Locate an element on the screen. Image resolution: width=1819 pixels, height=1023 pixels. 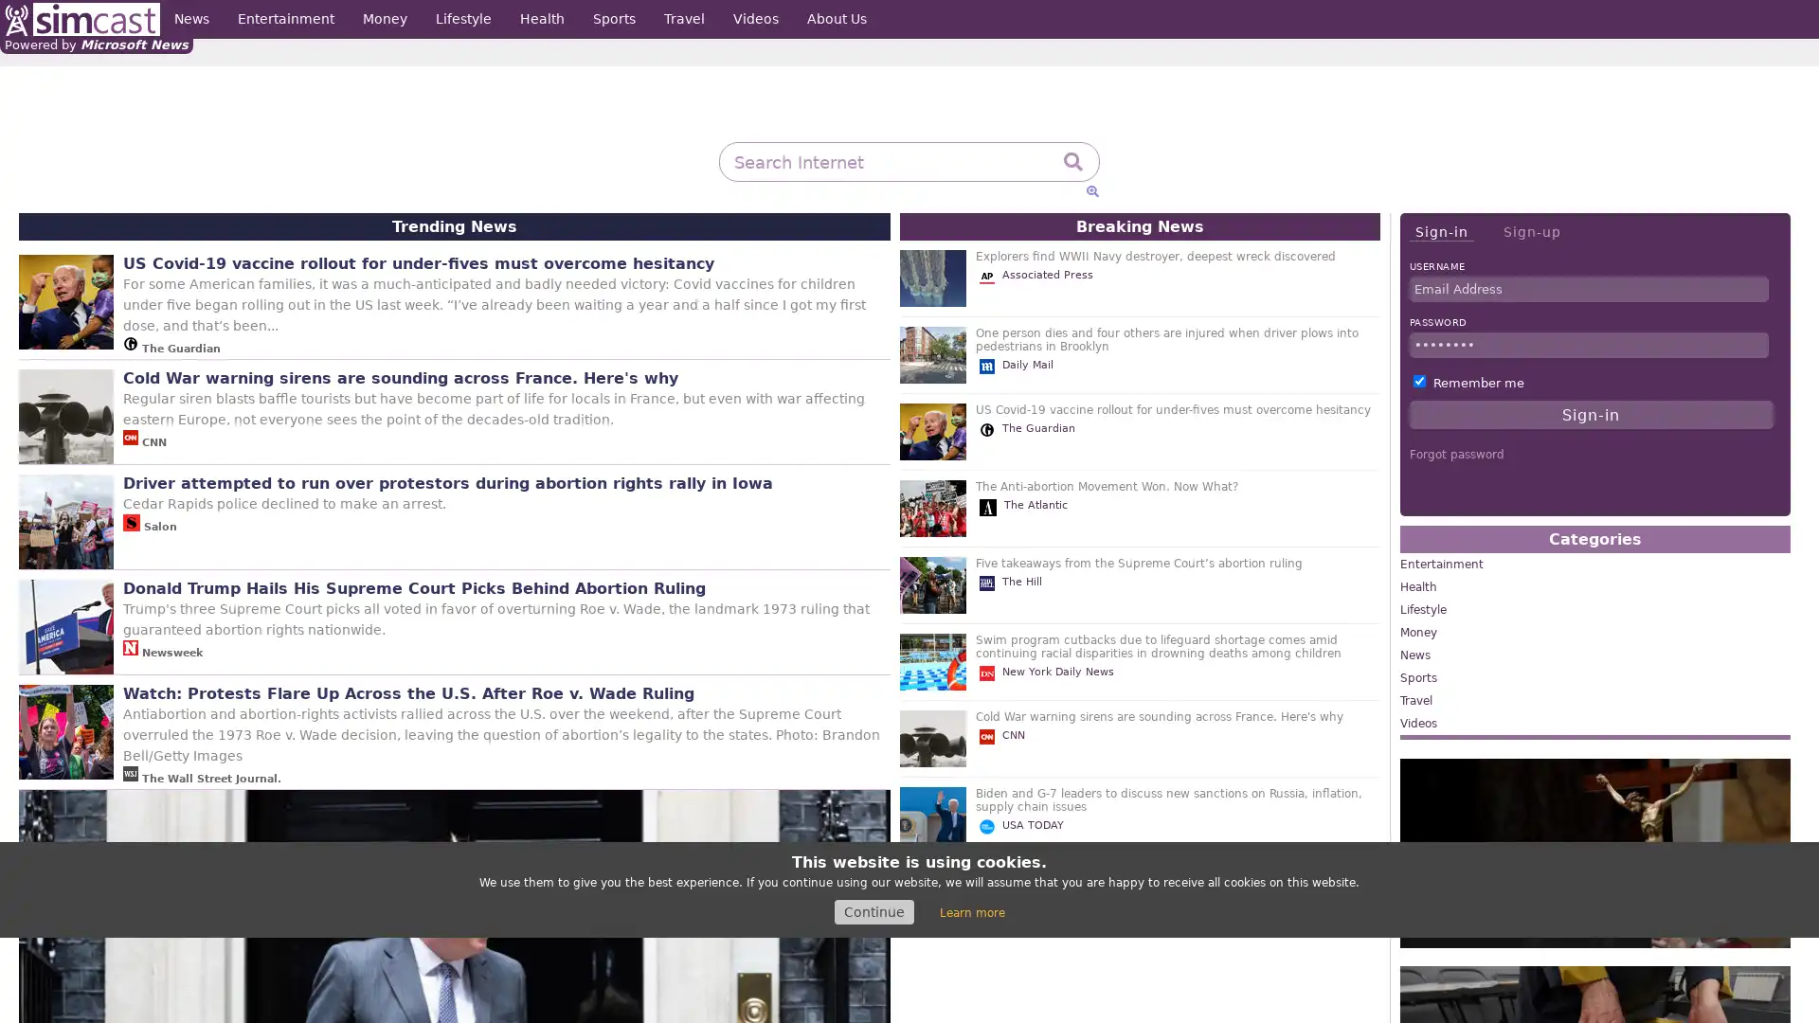
Sign-in is located at coordinates (1591, 414).